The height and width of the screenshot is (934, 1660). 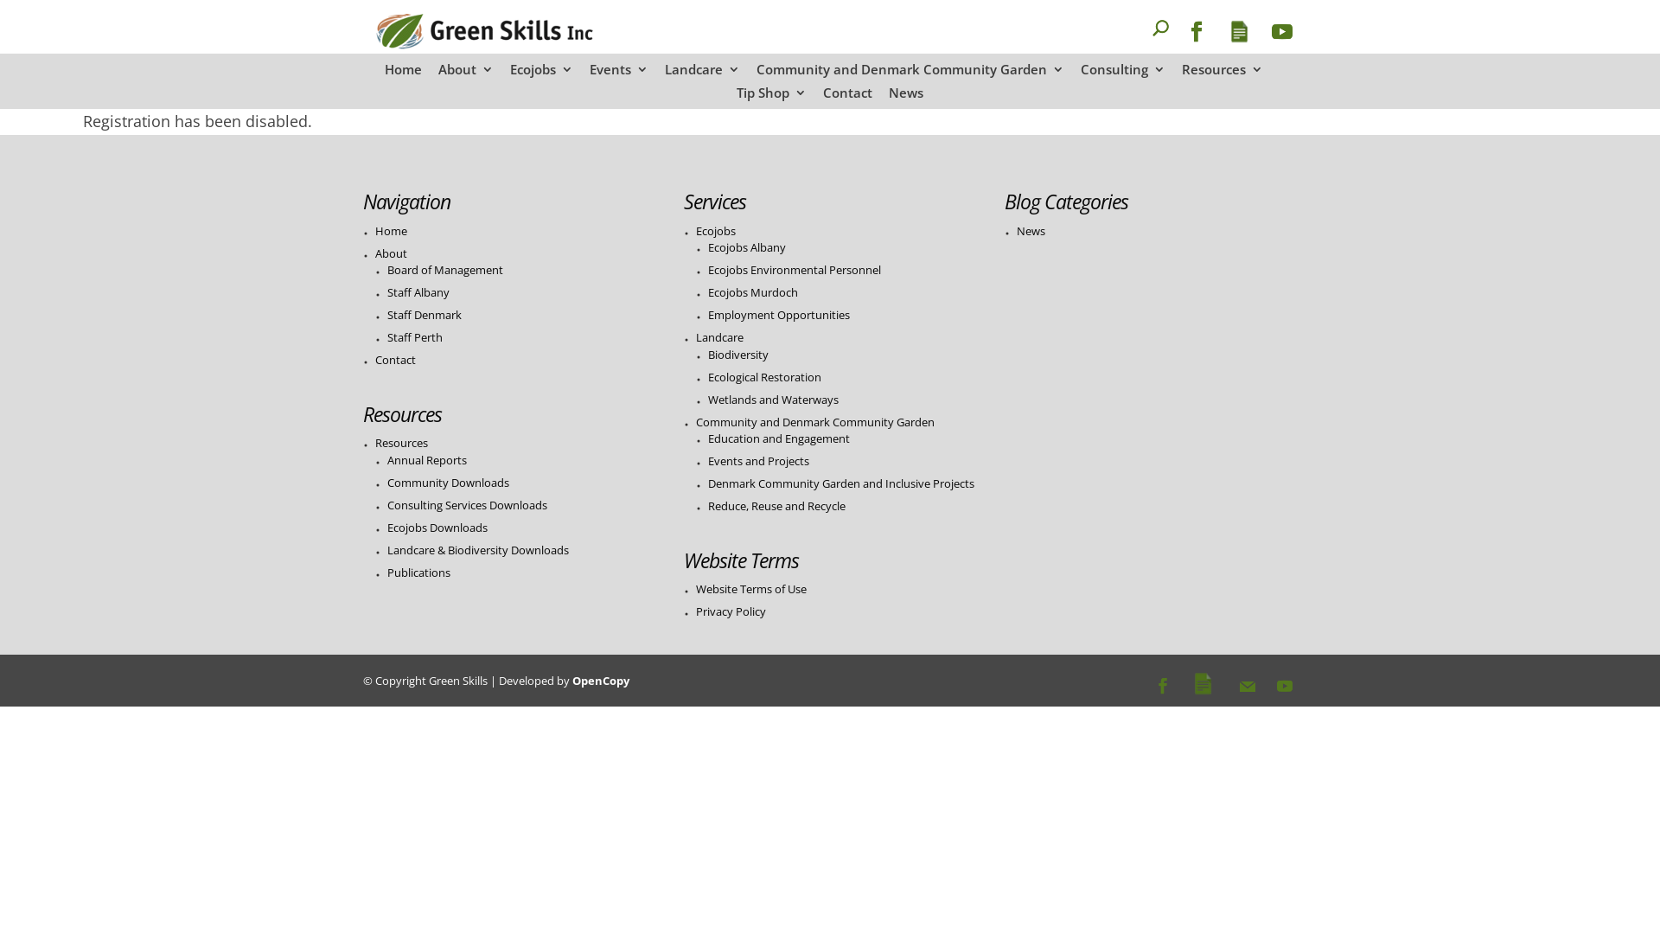 What do you see at coordinates (701, 73) in the screenshot?
I see `'Landcare'` at bounding box center [701, 73].